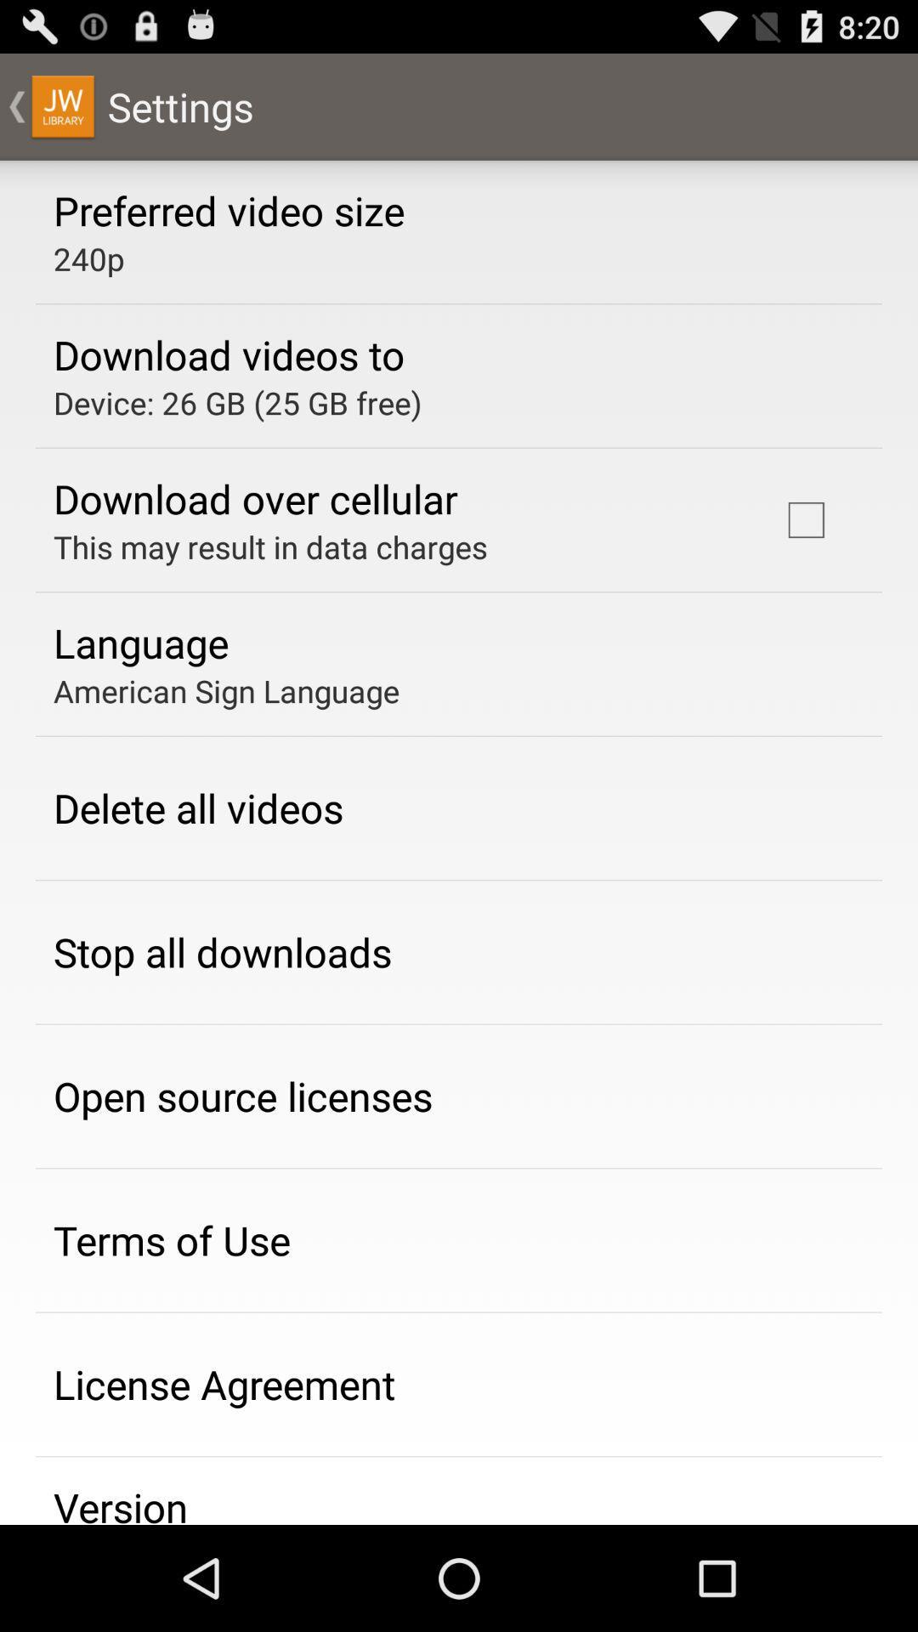  Describe the element at coordinates (88, 258) in the screenshot. I see `the app below preferred video size icon` at that location.